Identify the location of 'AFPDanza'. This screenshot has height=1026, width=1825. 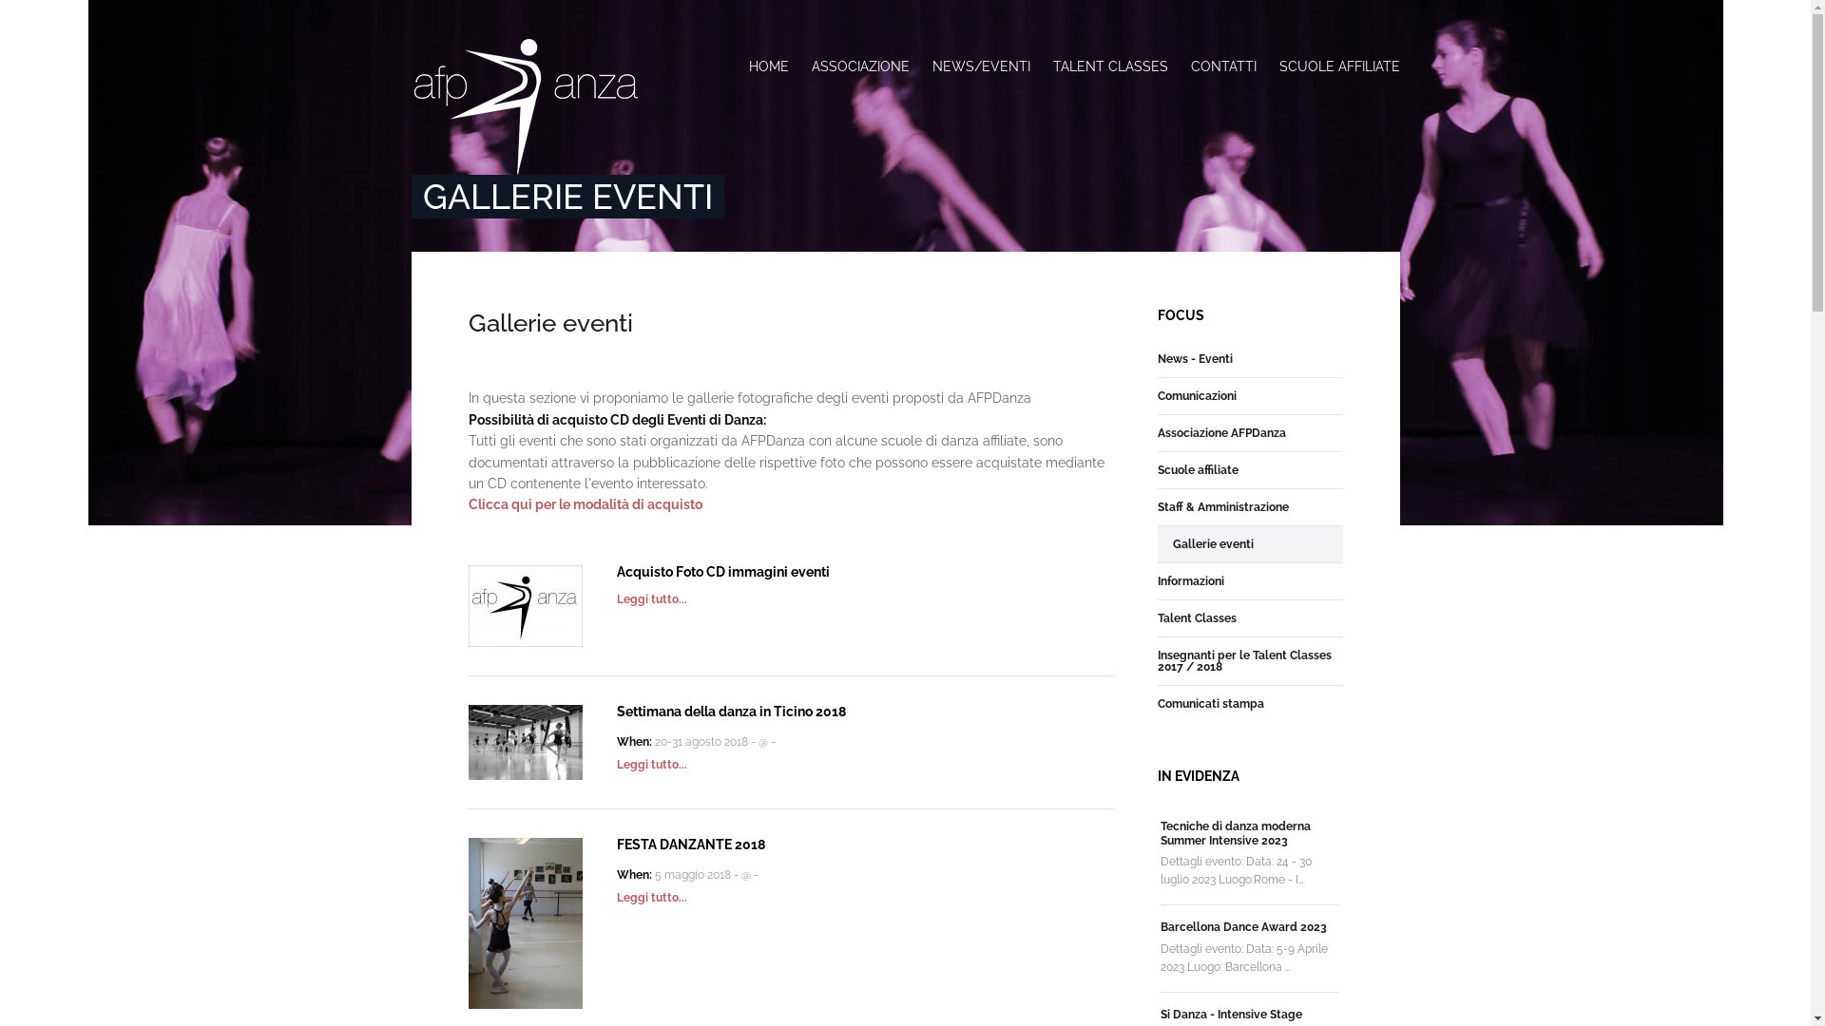
(525, 106).